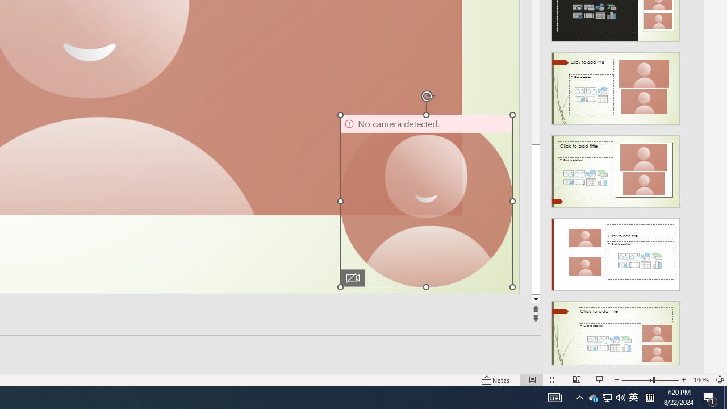  What do you see at coordinates (576, 380) in the screenshot?
I see `'Reading View'` at bounding box center [576, 380].